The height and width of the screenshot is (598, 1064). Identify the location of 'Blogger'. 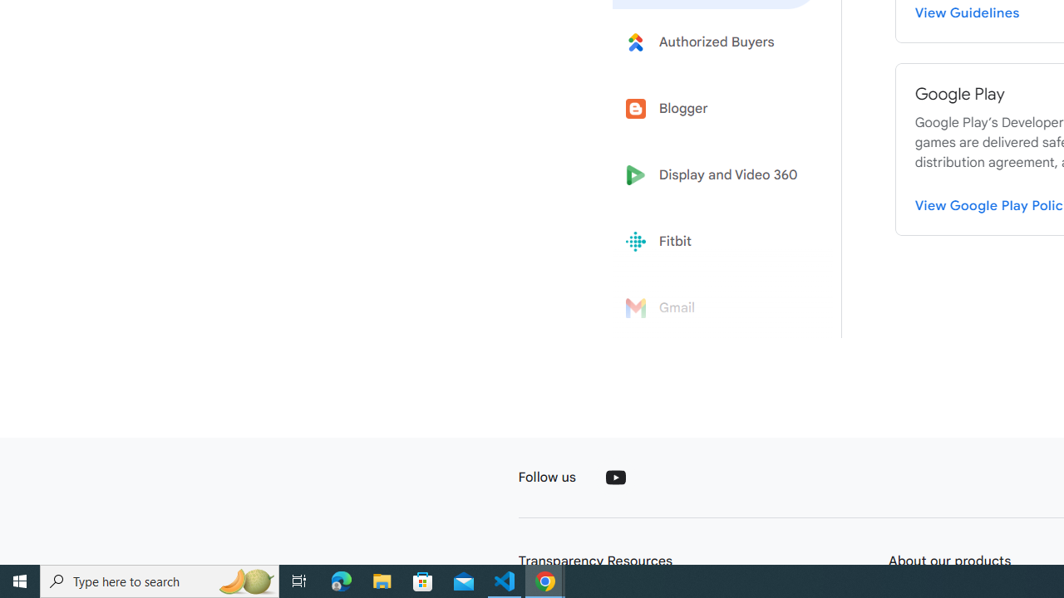
(717, 109).